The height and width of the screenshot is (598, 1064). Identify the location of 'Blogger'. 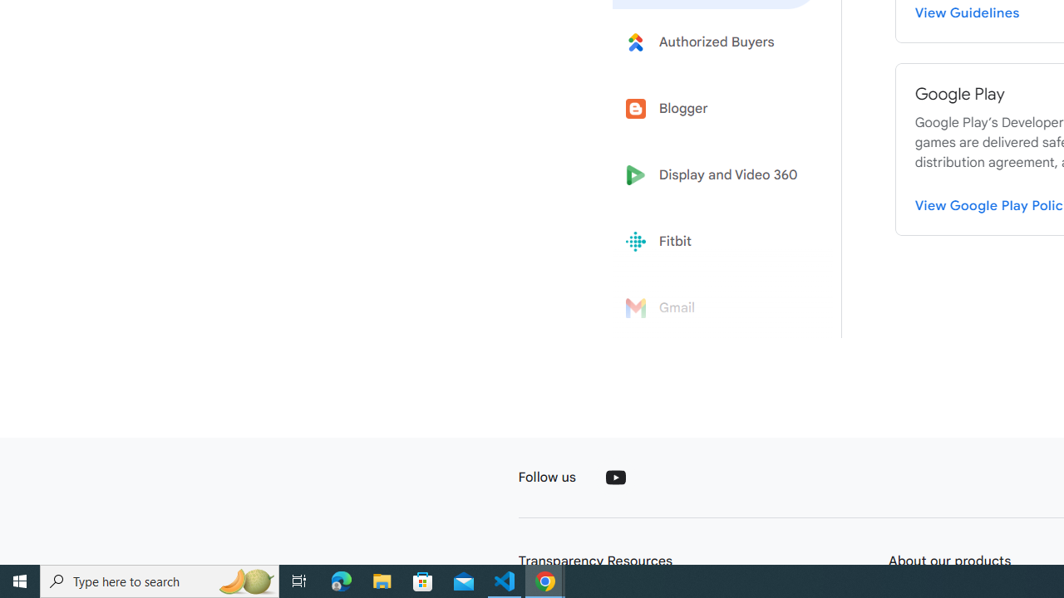
(717, 109).